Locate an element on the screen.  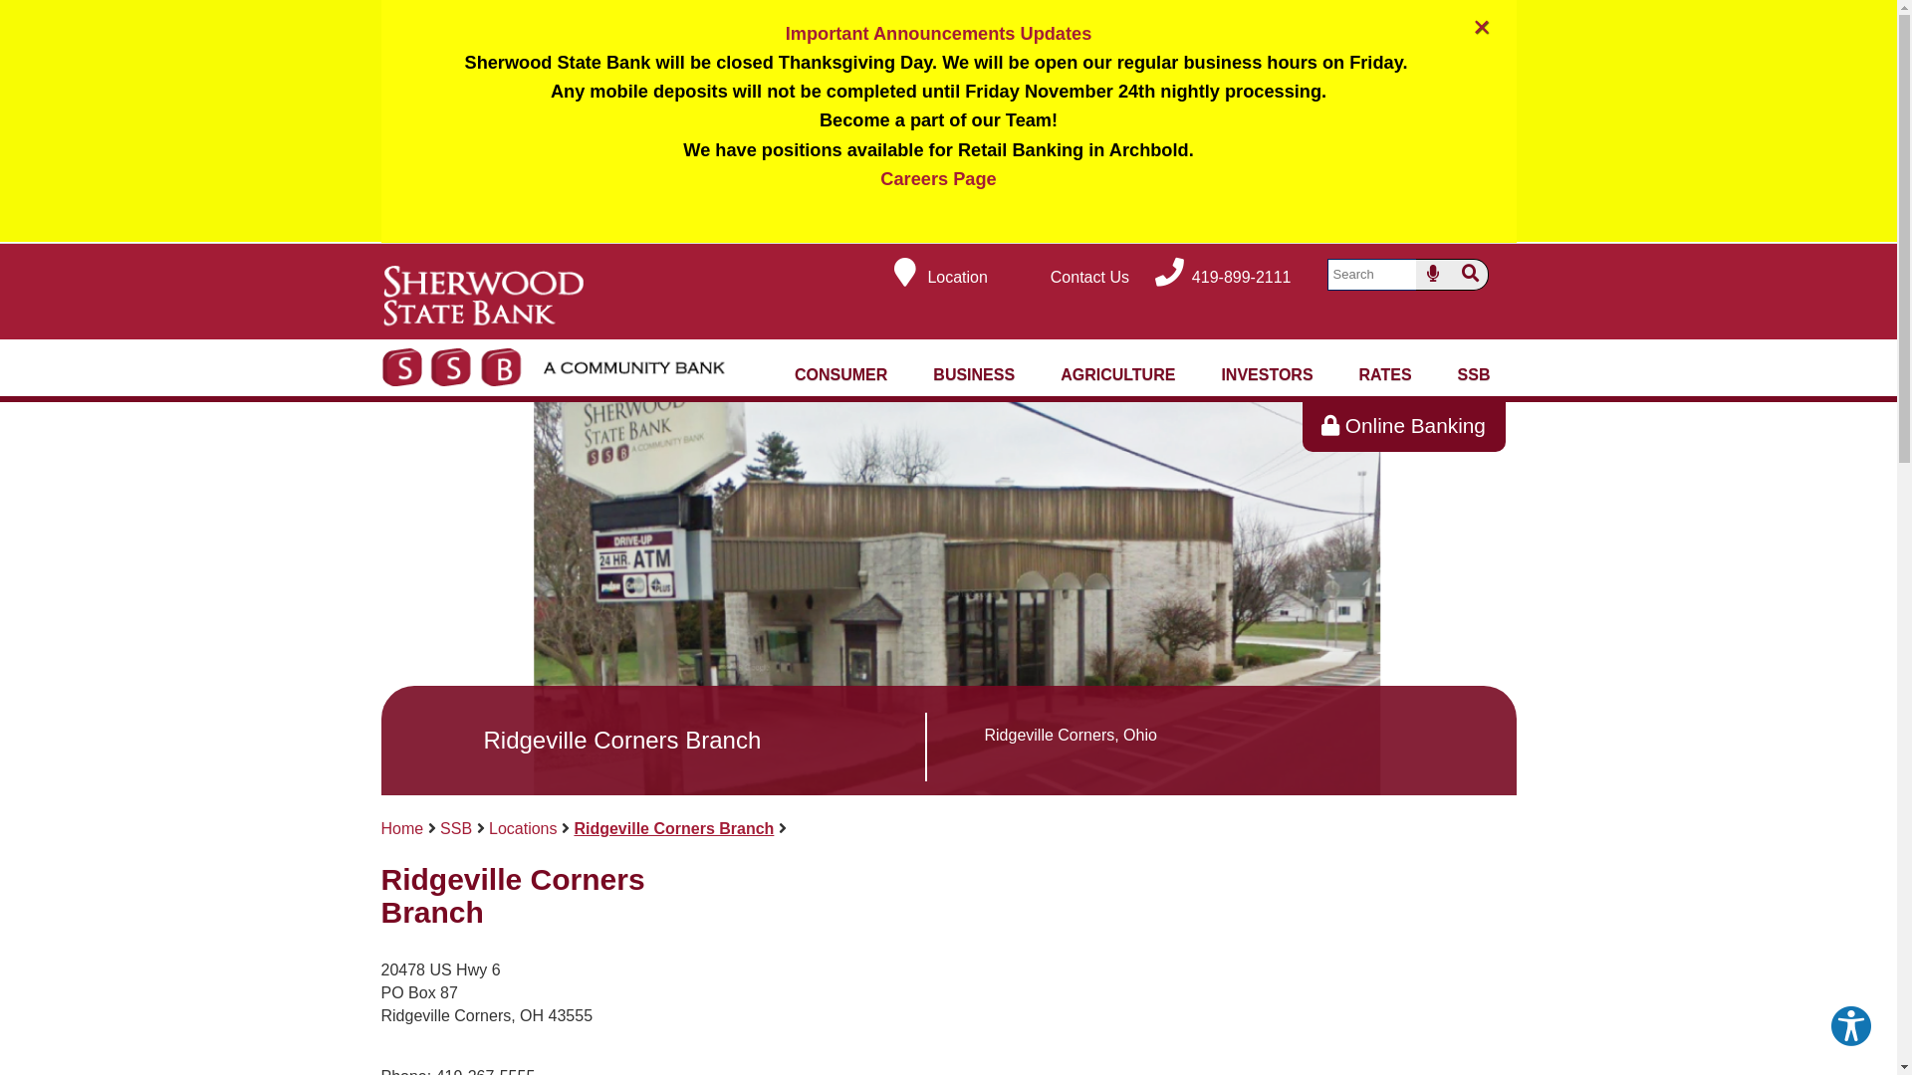
'Location' is located at coordinates (936, 277).